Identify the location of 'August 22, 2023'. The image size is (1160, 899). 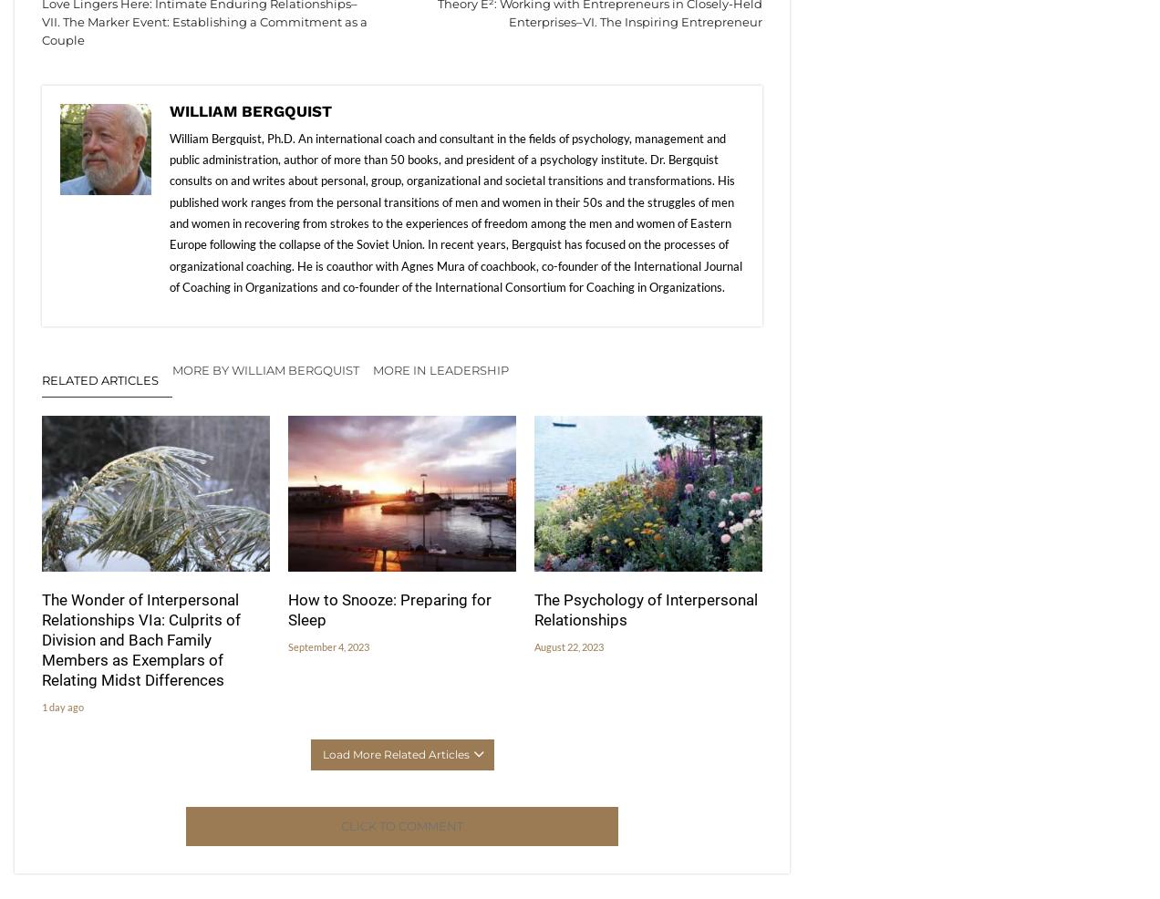
(568, 646).